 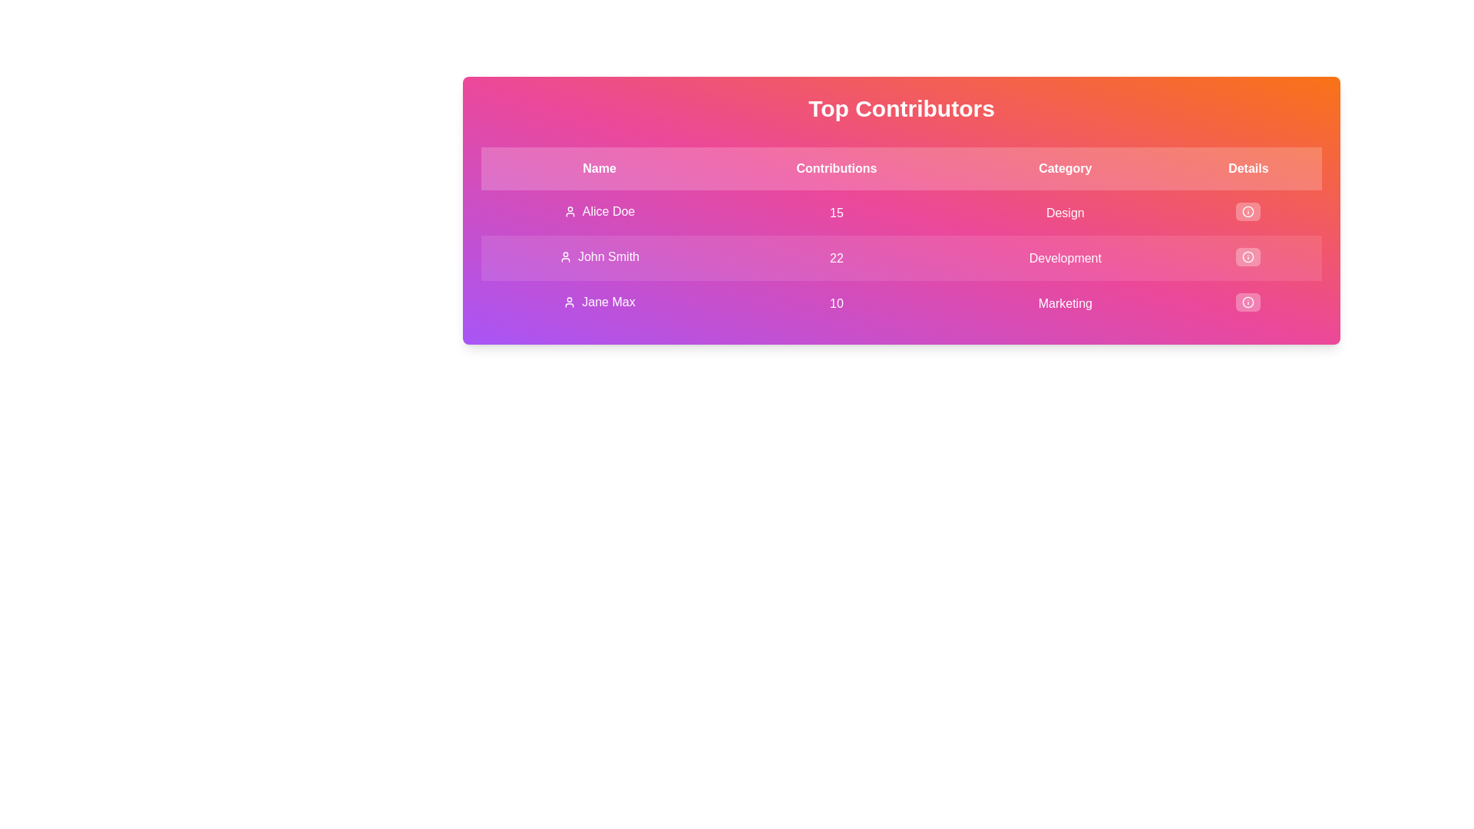 I want to click on the small, rounded rectangular button with a pinkish background located on the far right in the row corresponding to 'John Smith' under the 'Details' column in the table, which is the fourth sibling element in this row, so click(x=1248, y=257).